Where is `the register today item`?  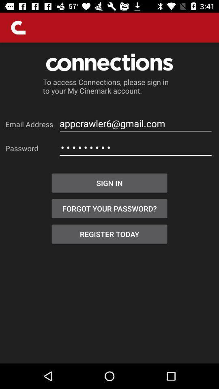
the register today item is located at coordinates (109, 234).